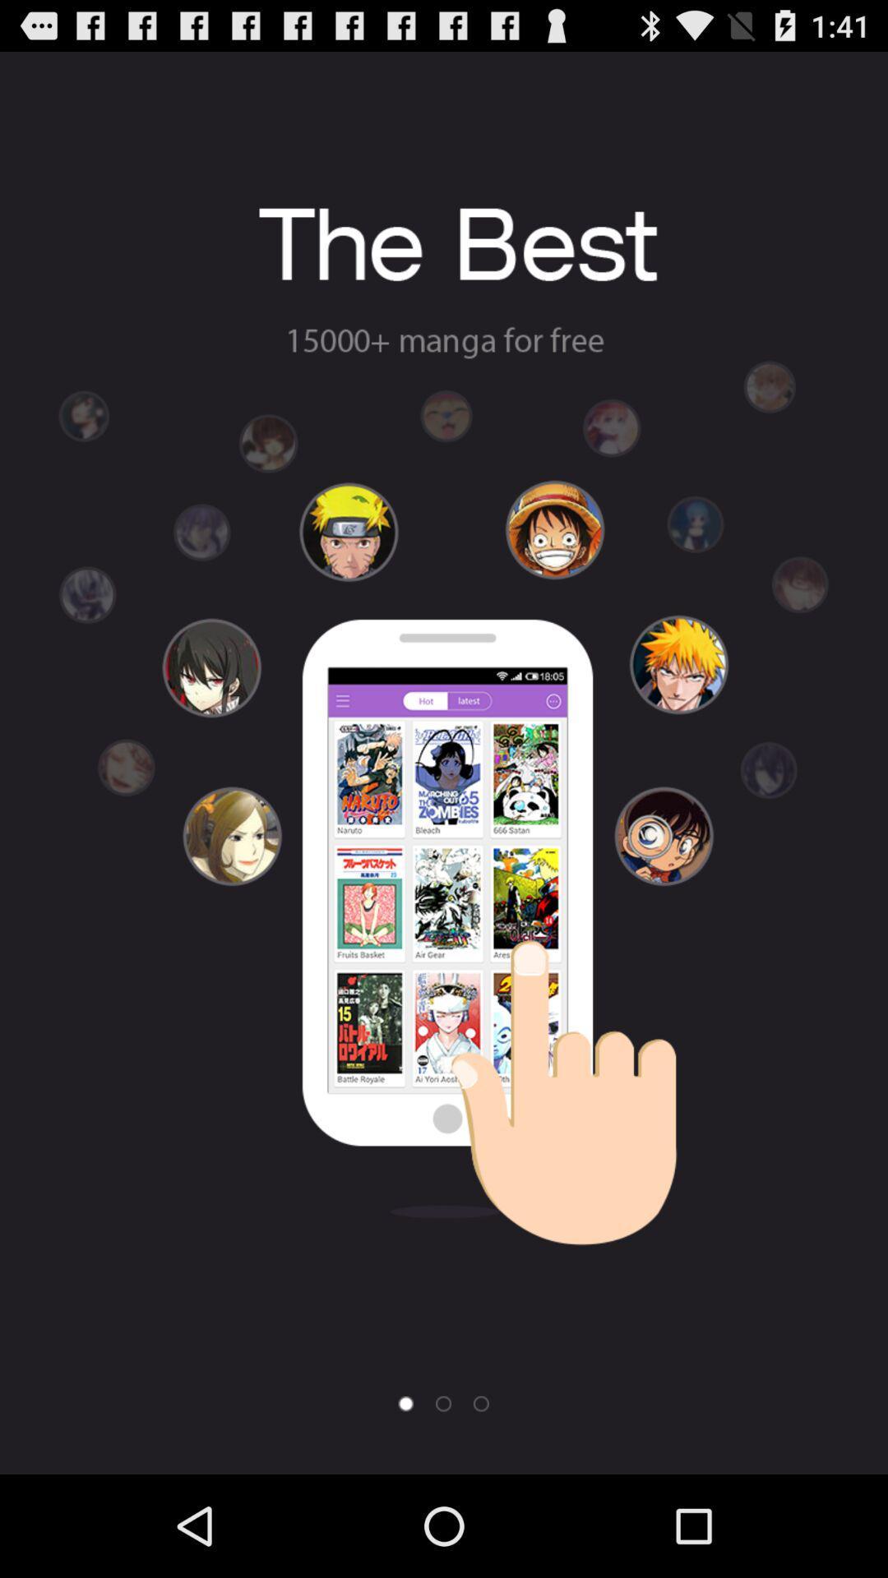  I want to click on next screen, so click(442, 1403).